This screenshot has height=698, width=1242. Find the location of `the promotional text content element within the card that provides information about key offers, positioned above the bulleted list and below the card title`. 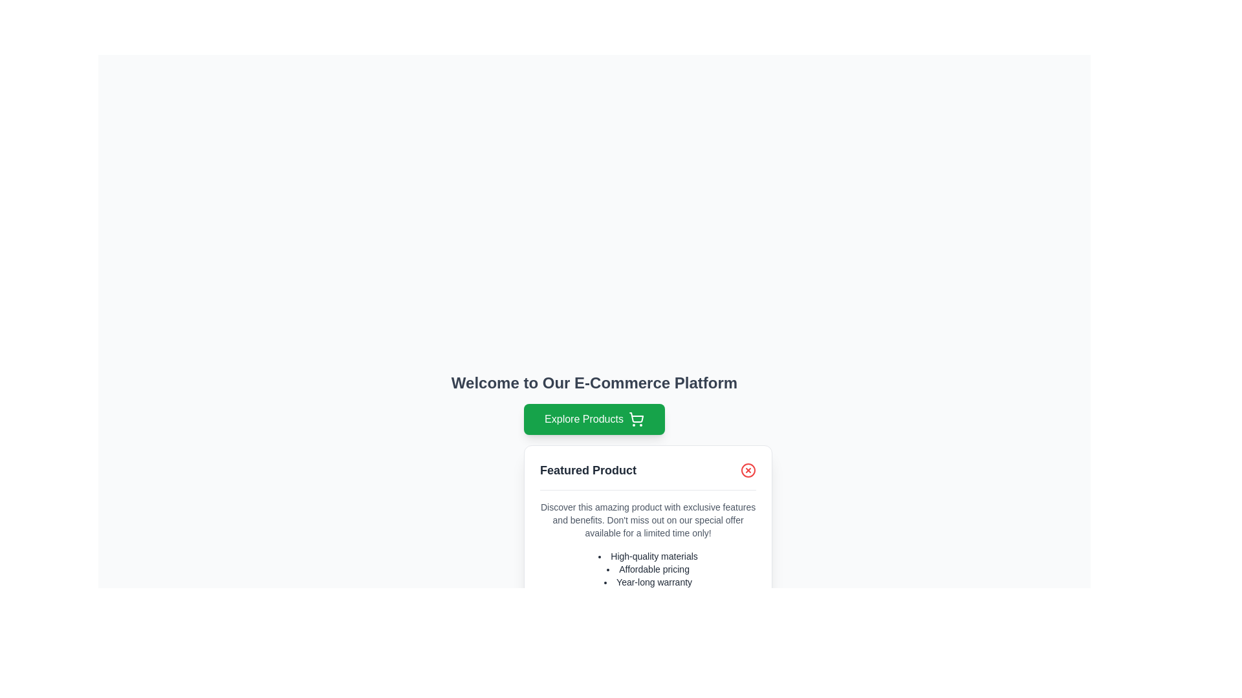

the promotional text content element within the card that provides information about key offers, positioned above the bulleted list and below the card title is located at coordinates (648, 520).